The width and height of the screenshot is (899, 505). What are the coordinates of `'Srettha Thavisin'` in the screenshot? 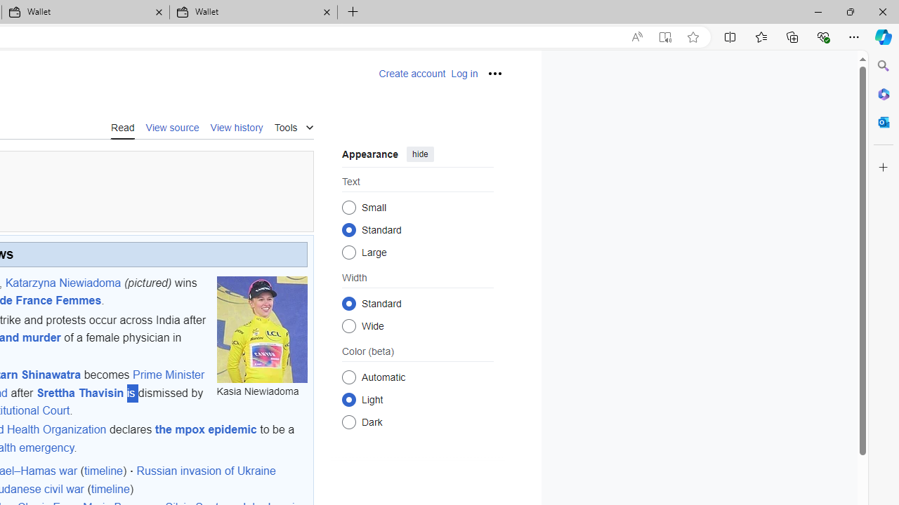 It's located at (79, 392).